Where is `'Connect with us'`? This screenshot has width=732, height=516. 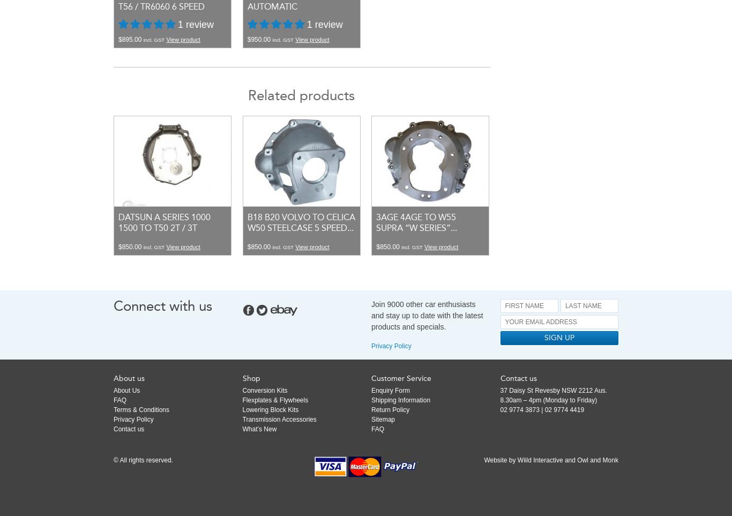 'Connect with us' is located at coordinates (162, 306).